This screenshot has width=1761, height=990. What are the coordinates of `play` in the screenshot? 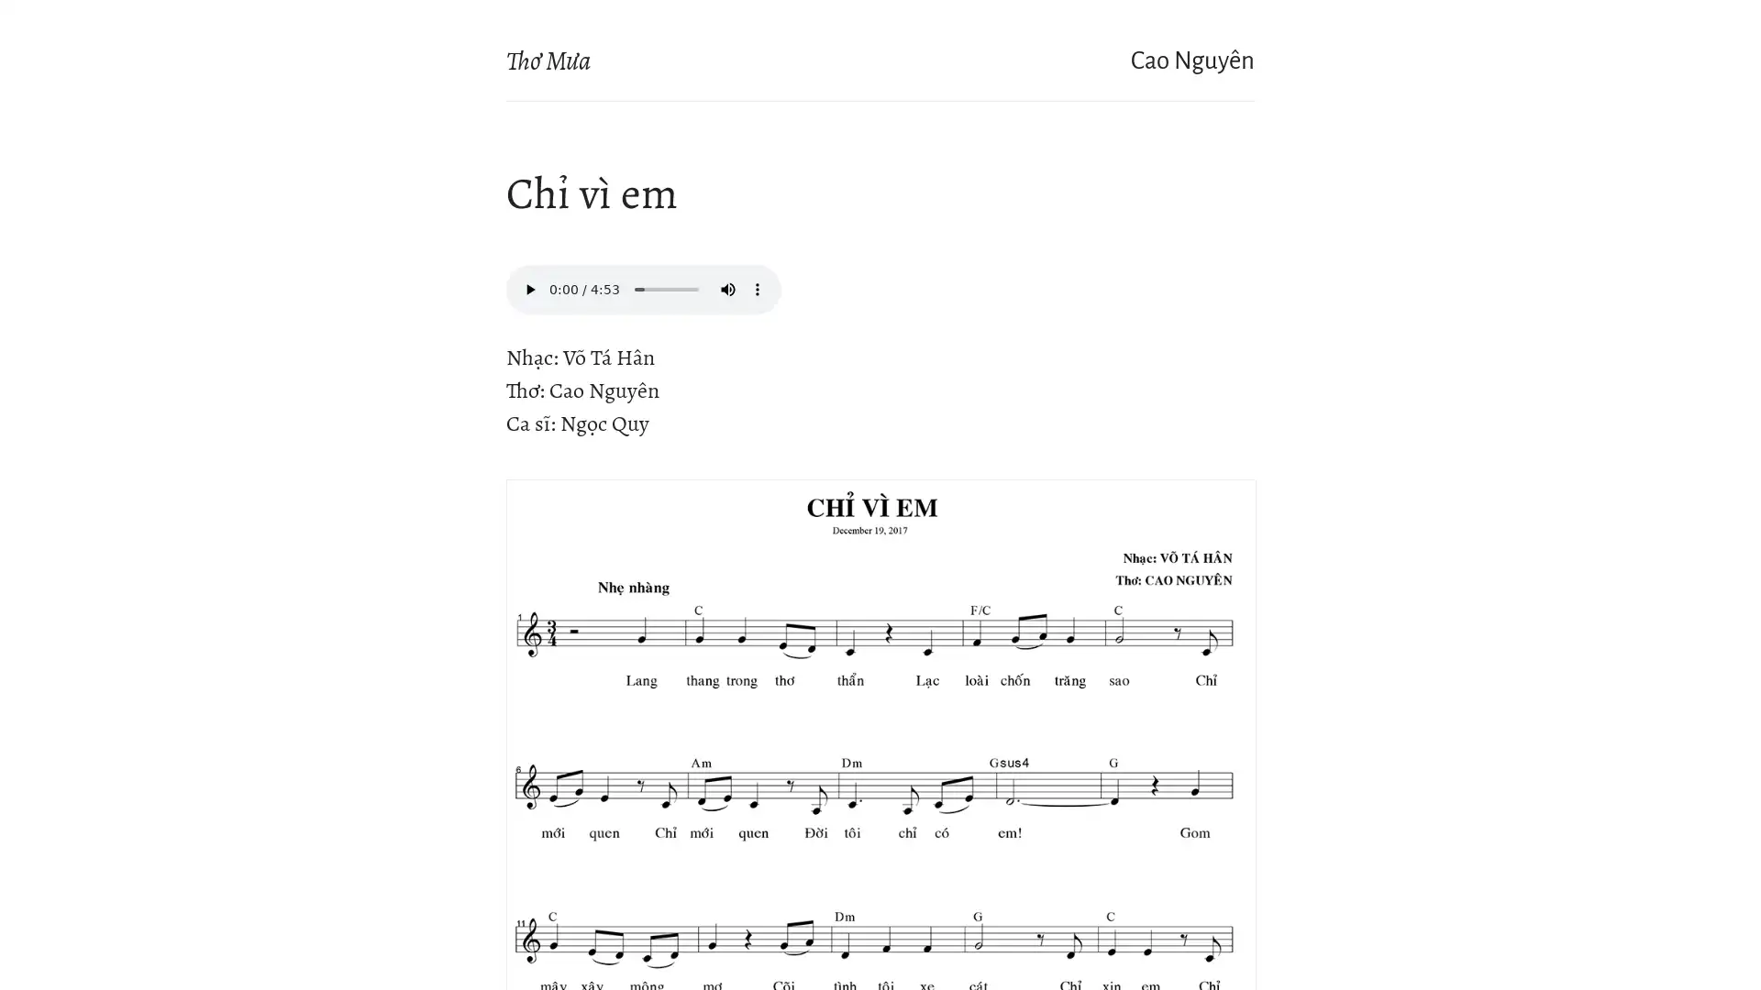 It's located at (528, 289).